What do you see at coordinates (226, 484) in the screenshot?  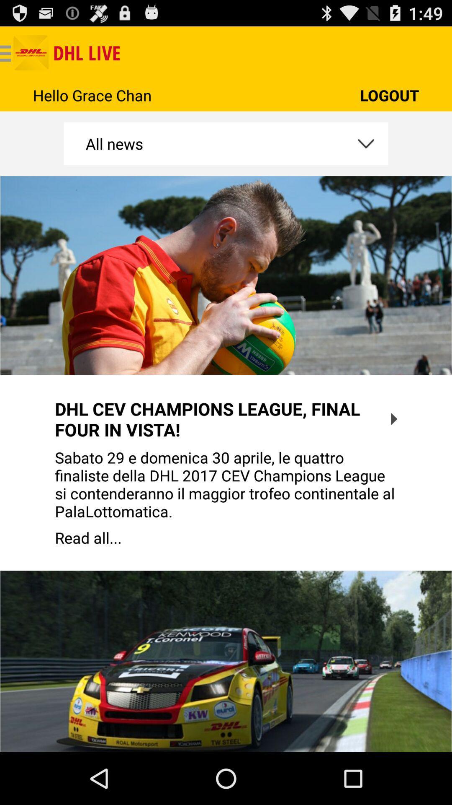 I see `icon above the read all... app` at bounding box center [226, 484].